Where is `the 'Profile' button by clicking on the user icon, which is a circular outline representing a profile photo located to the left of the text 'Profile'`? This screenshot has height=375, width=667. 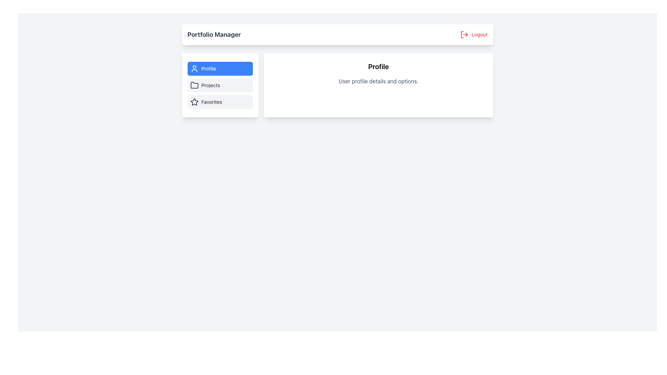
the 'Profile' button by clicking on the user icon, which is a circular outline representing a profile photo located to the left of the text 'Profile' is located at coordinates (194, 68).